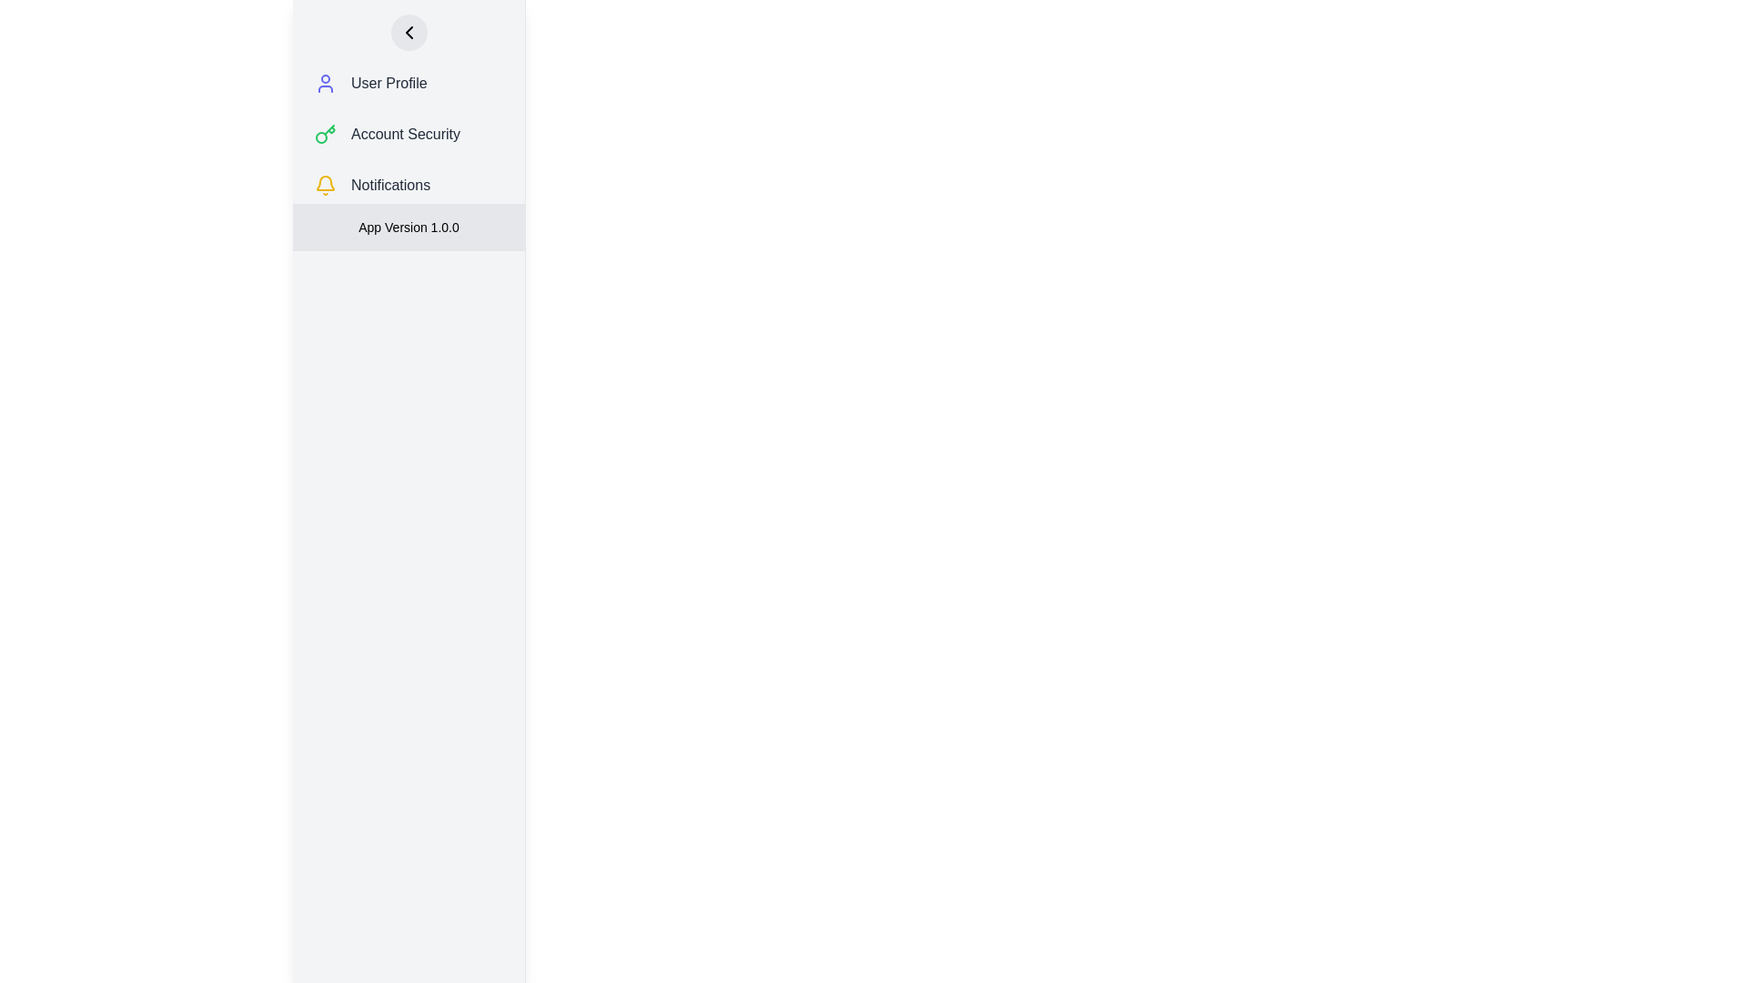 The image size is (1747, 983). I want to click on the 'Notifications' text label, which is styled with a medium font weight and dark gray color, located in the vertical navigation menu between 'Account Security' and 'App Version 1.0.0', so click(389, 186).